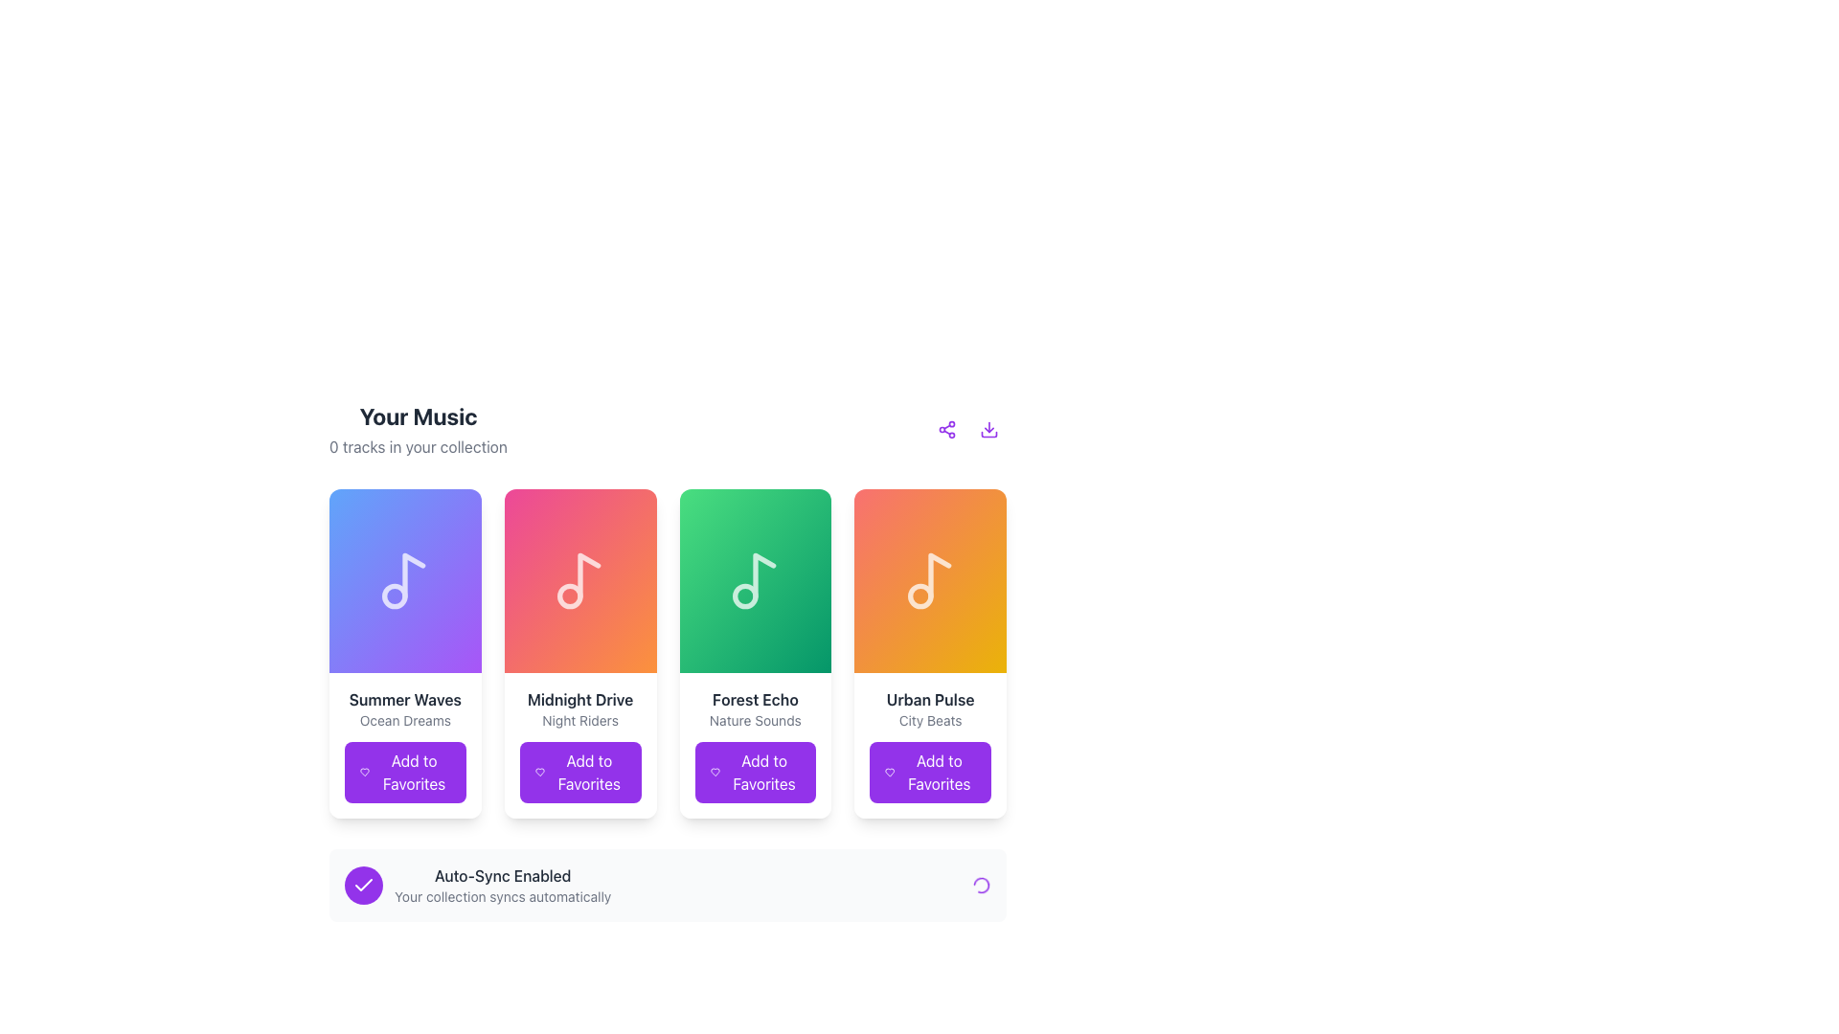 The image size is (1839, 1034). I want to click on the static text block with the bold heading 'Your Music' located near the top-left corner of the content area, above the horizontal row of music cards, so click(417, 428).